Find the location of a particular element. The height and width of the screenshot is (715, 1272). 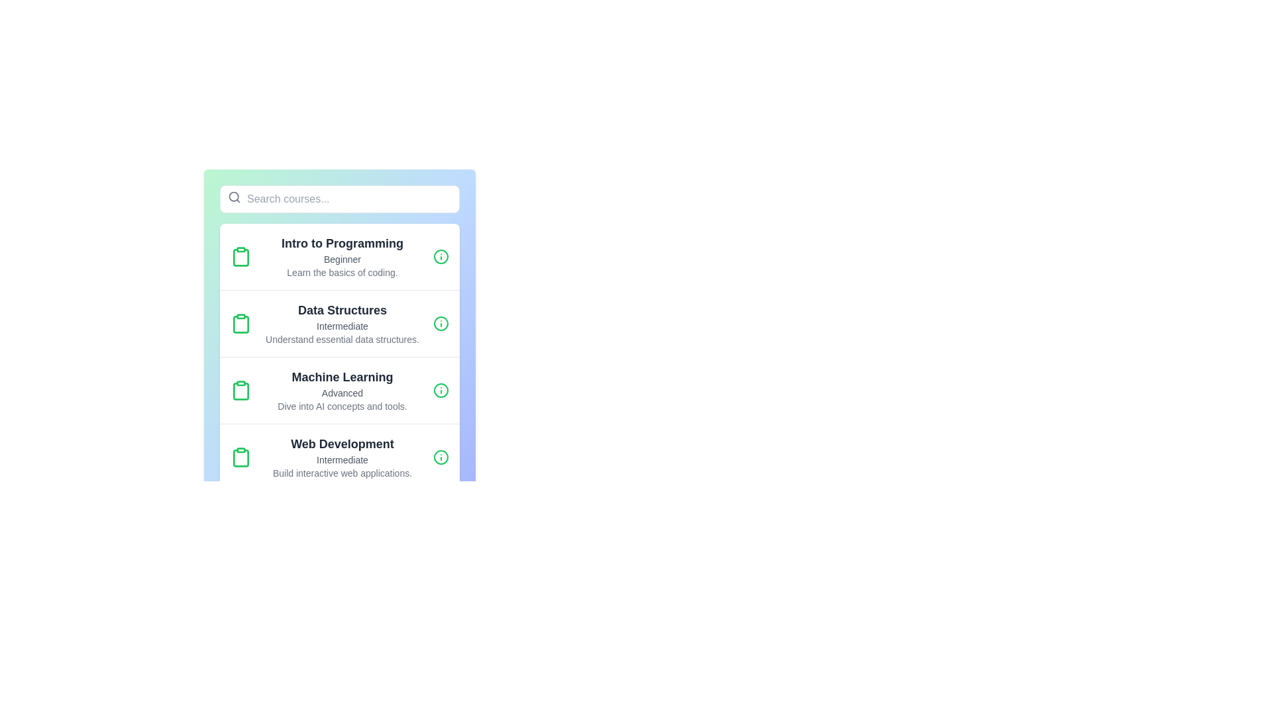

the Card component titled 'Machine Learning', which has a bold title, an 'Advanced' label, and a descriptive text. This card features a green clipboard icon on the left and a green info circle on the right. It is the third card in a vertical list of four items is located at coordinates (340, 389).